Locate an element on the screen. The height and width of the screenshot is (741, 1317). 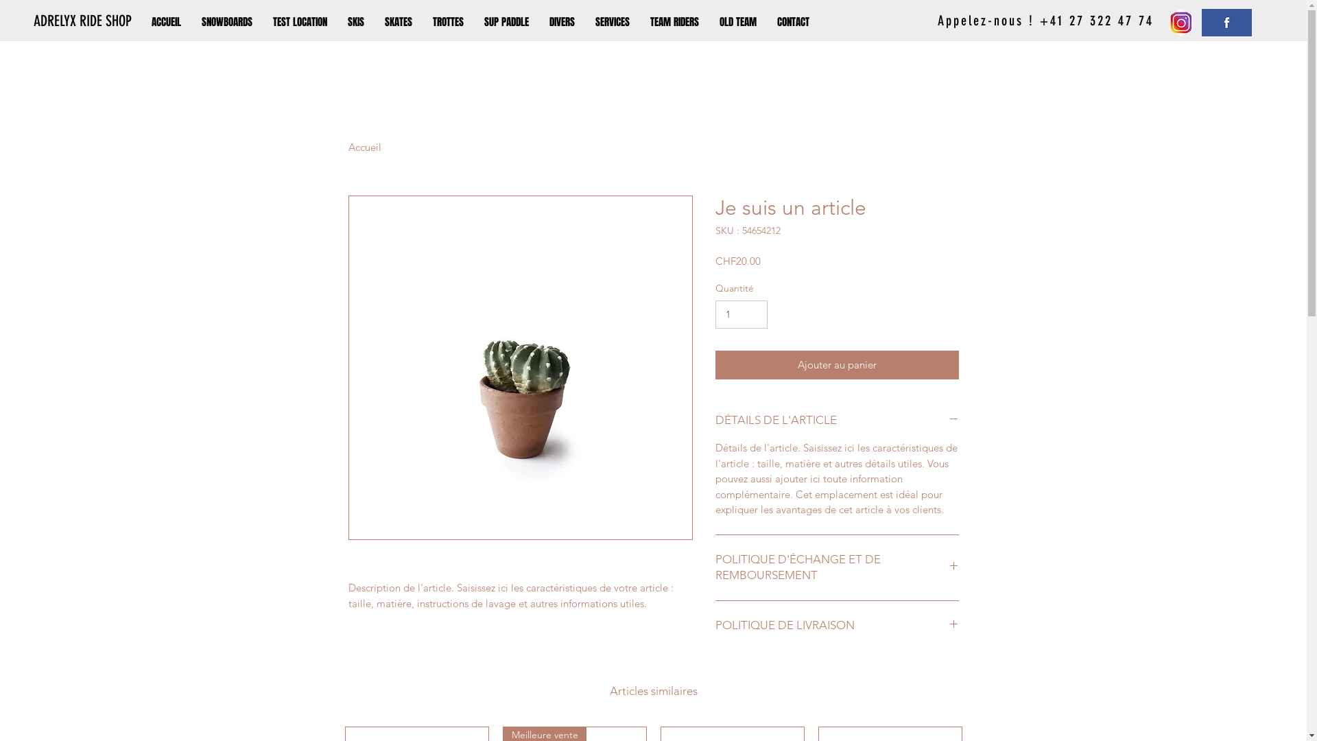
'POLITIQUE DE LIVRAISON' is located at coordinates (835, 625).